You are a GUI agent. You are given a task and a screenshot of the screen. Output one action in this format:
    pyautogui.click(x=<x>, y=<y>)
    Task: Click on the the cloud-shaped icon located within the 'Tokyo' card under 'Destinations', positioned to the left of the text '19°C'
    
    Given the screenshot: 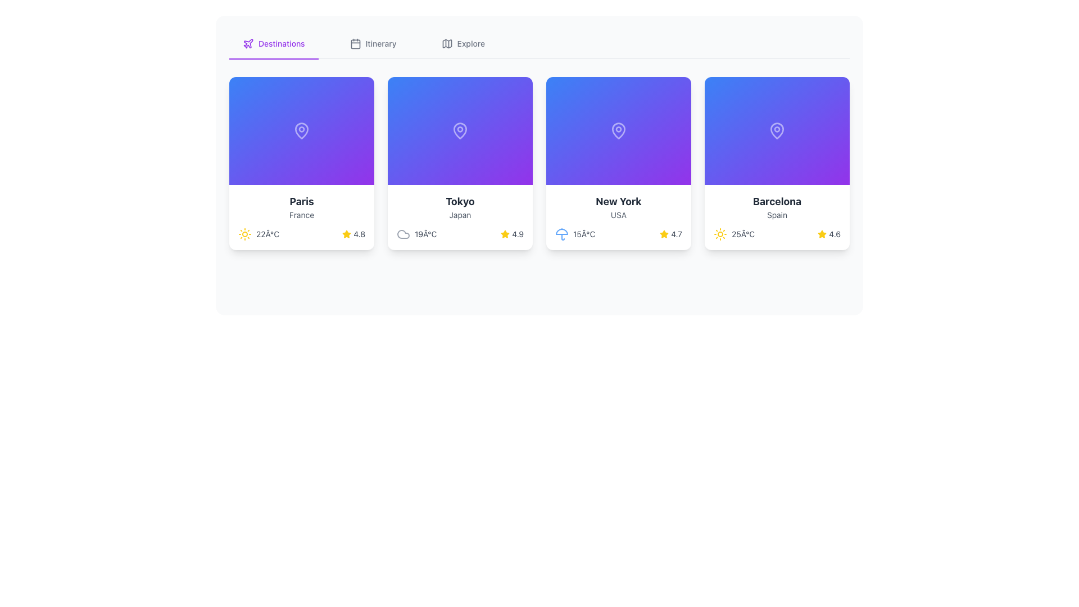 What is the action you would take?
    pyautogui.click(x=404, y=233)
    